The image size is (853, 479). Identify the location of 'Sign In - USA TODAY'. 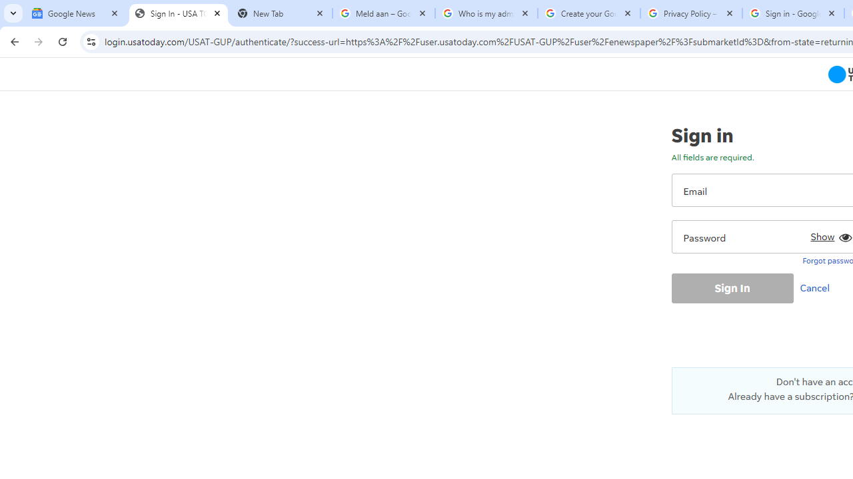
(178, 13).